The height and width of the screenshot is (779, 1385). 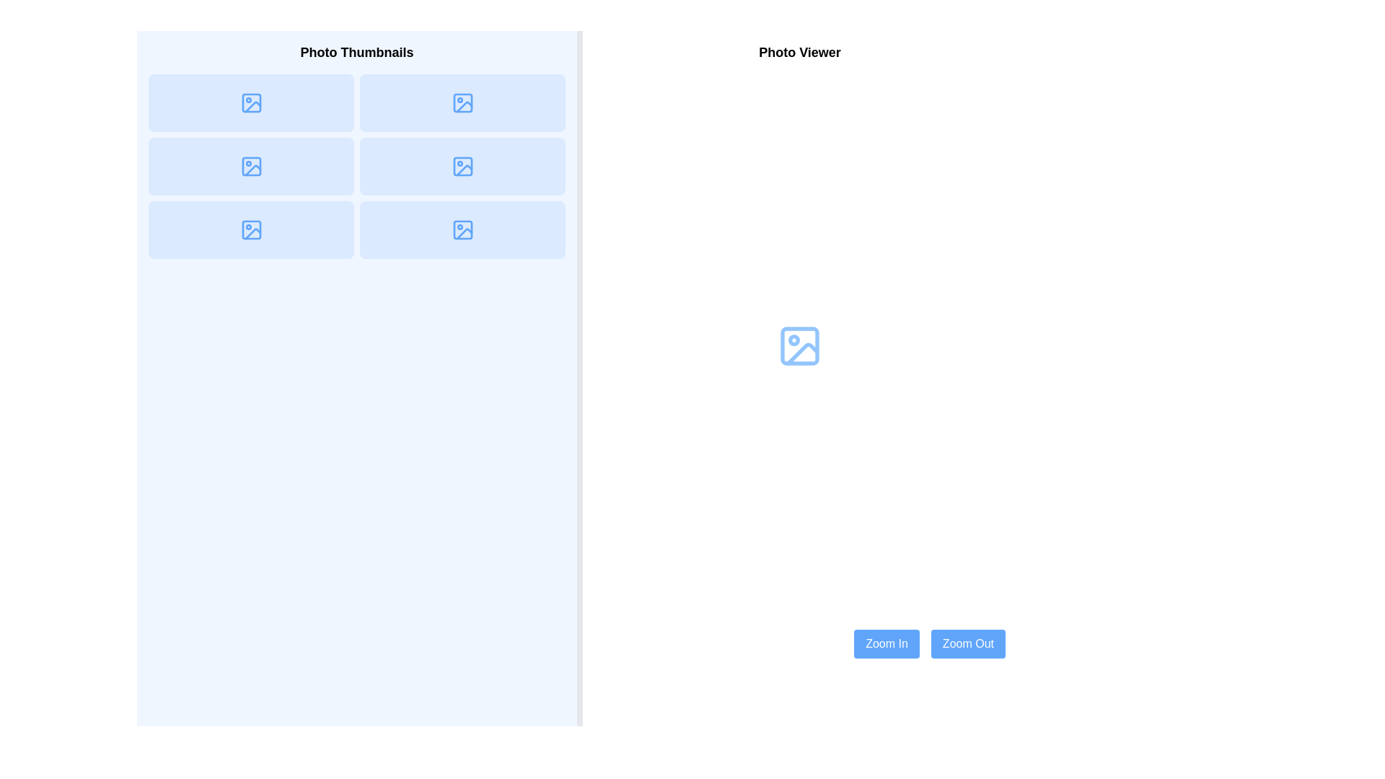 I want to click on the photo thumbnail icon located, so click(x=462, y=102).